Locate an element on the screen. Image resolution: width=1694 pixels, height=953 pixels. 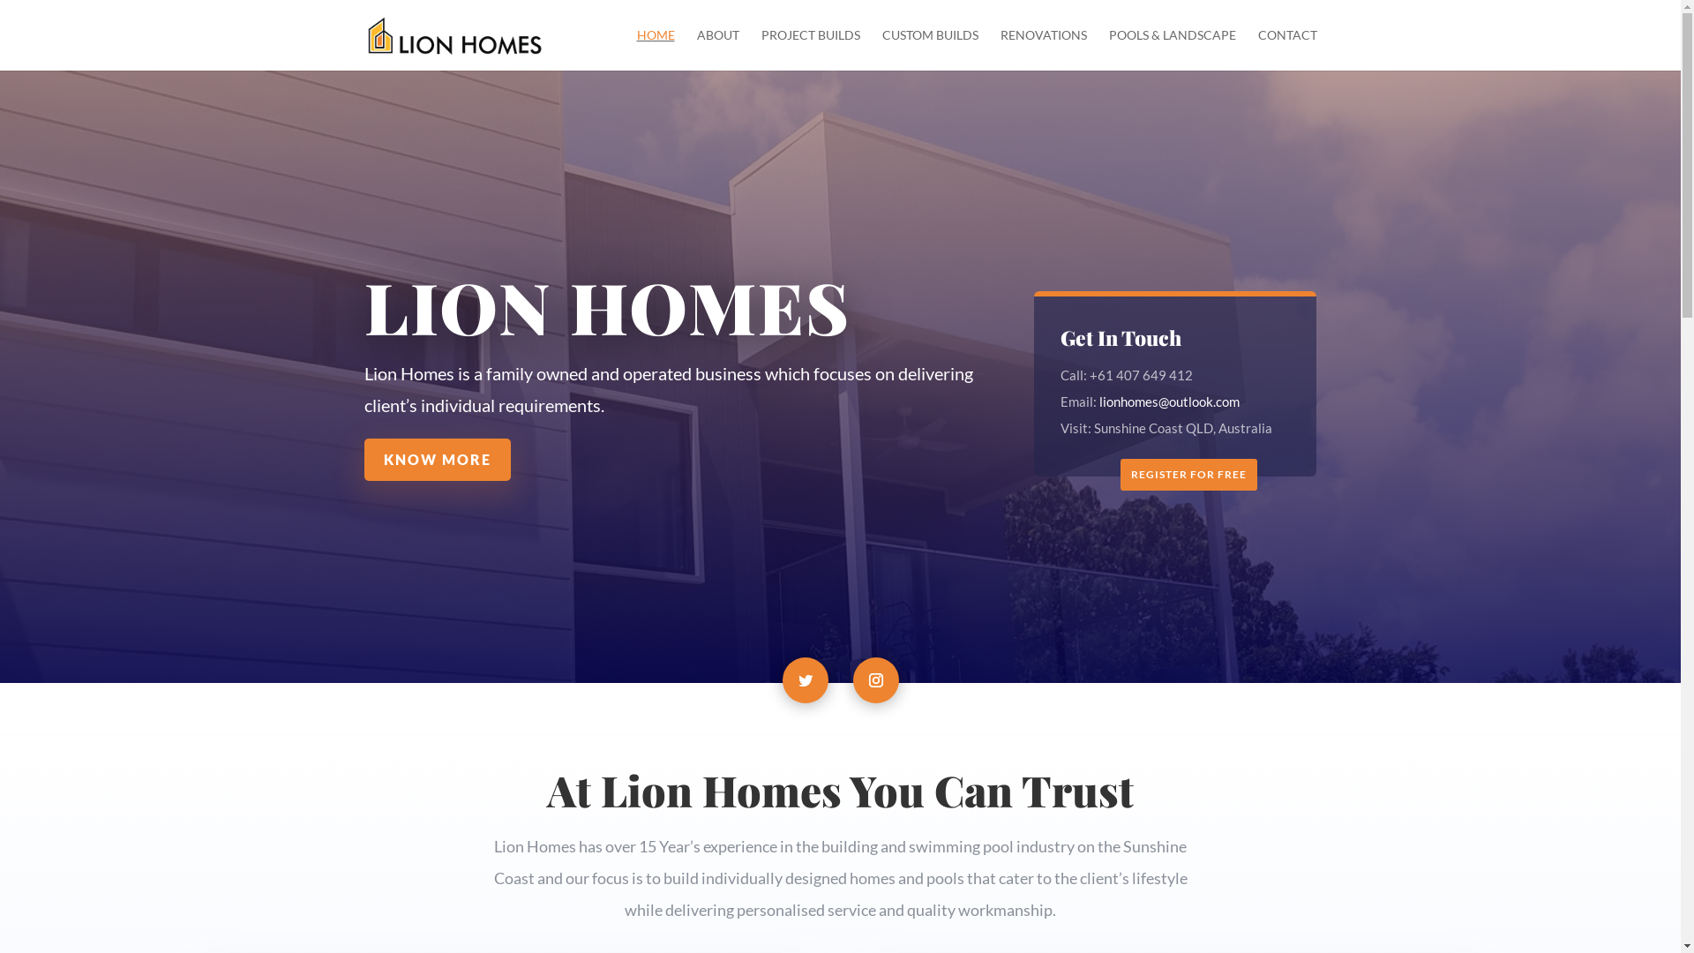
'Follow on Twitter' is located at coordinates (781, 679).